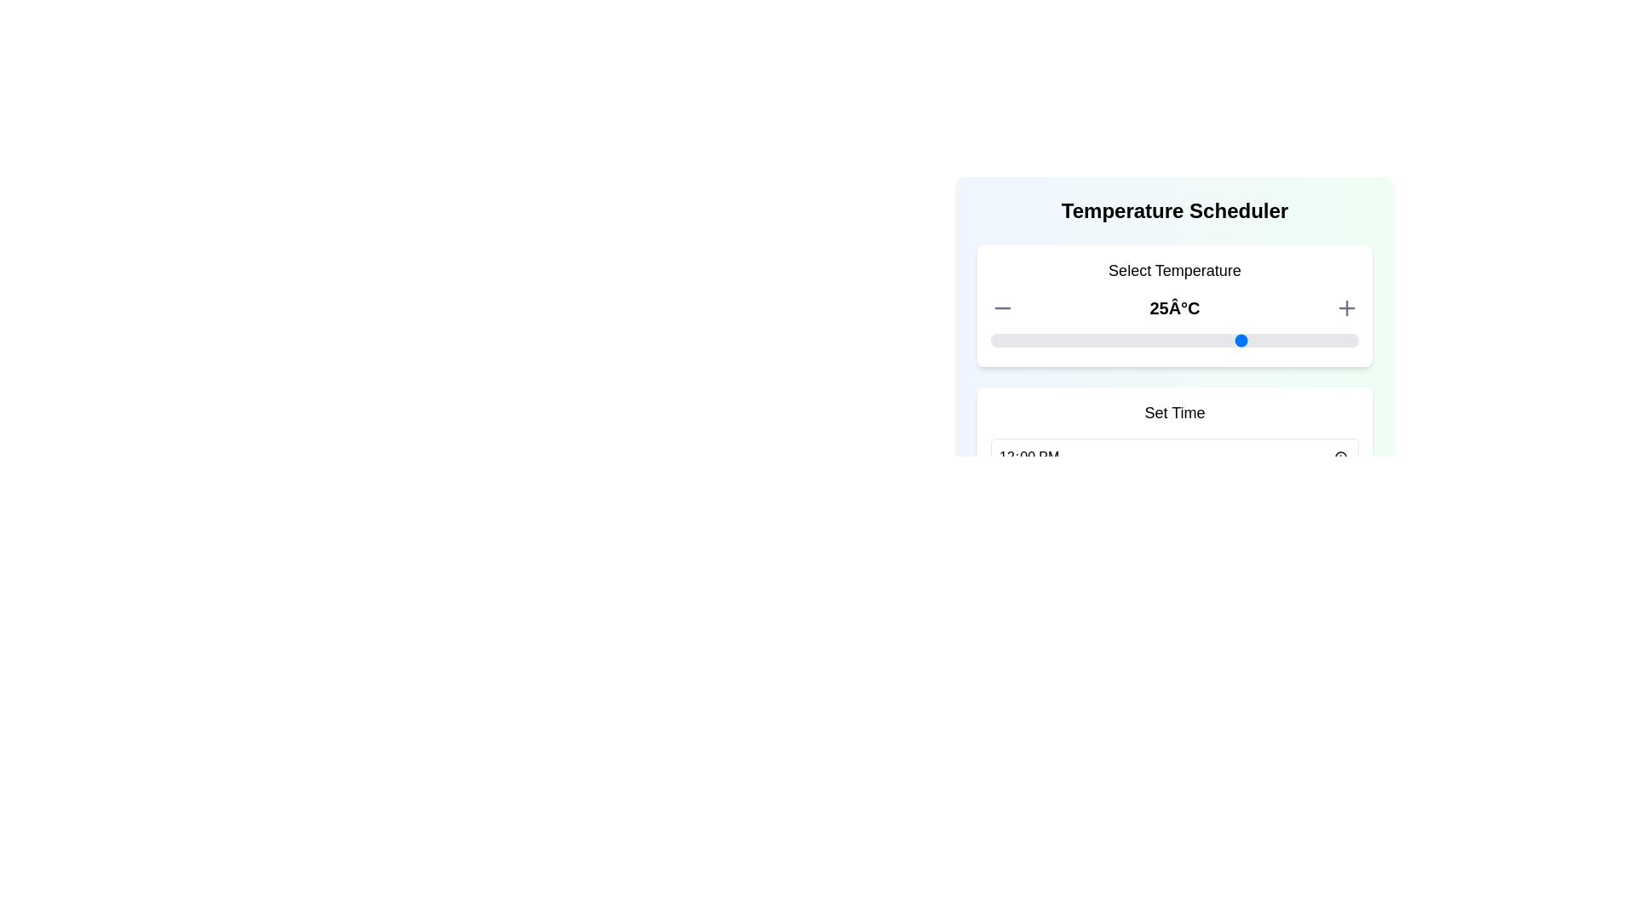  I want to click on the gray minus icon button located to the left of the temperature display (25°C), so click(1002, 308).